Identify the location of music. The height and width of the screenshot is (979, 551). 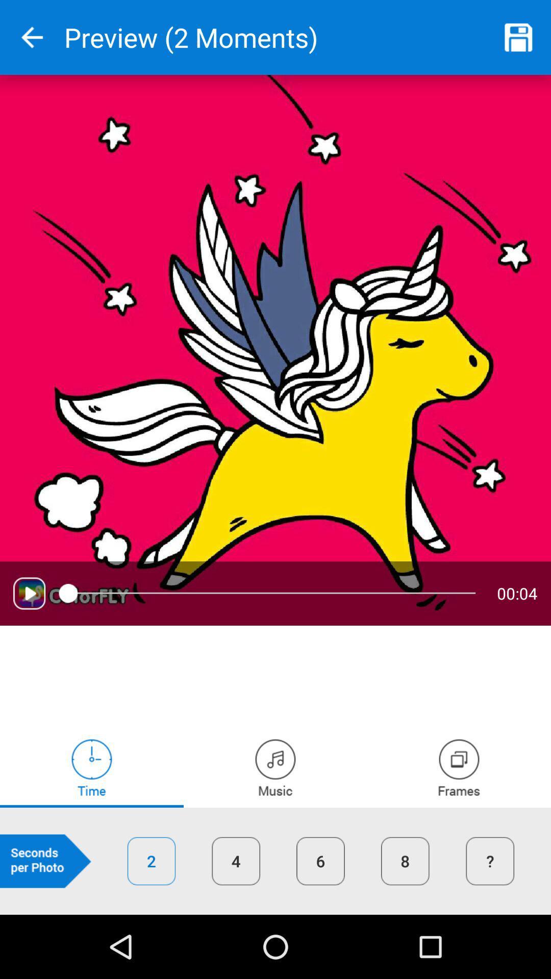
(275, 767).